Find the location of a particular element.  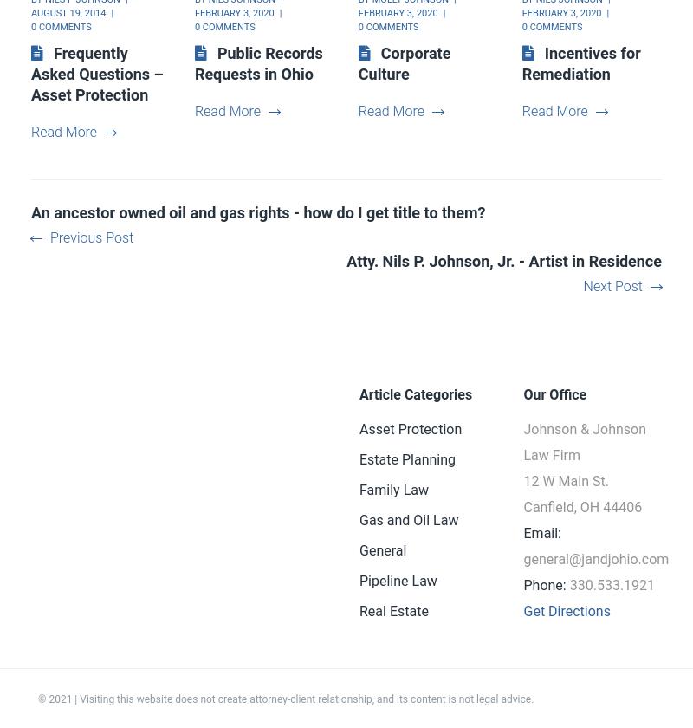

'330.533.1921' is located at coordinates (609, 585).